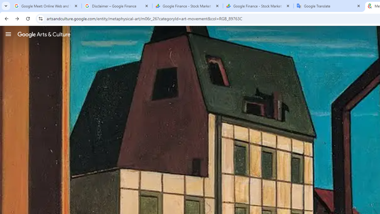 This screenshot has width=380, height=214. I want to click on 'Menu', so click(8, 34).